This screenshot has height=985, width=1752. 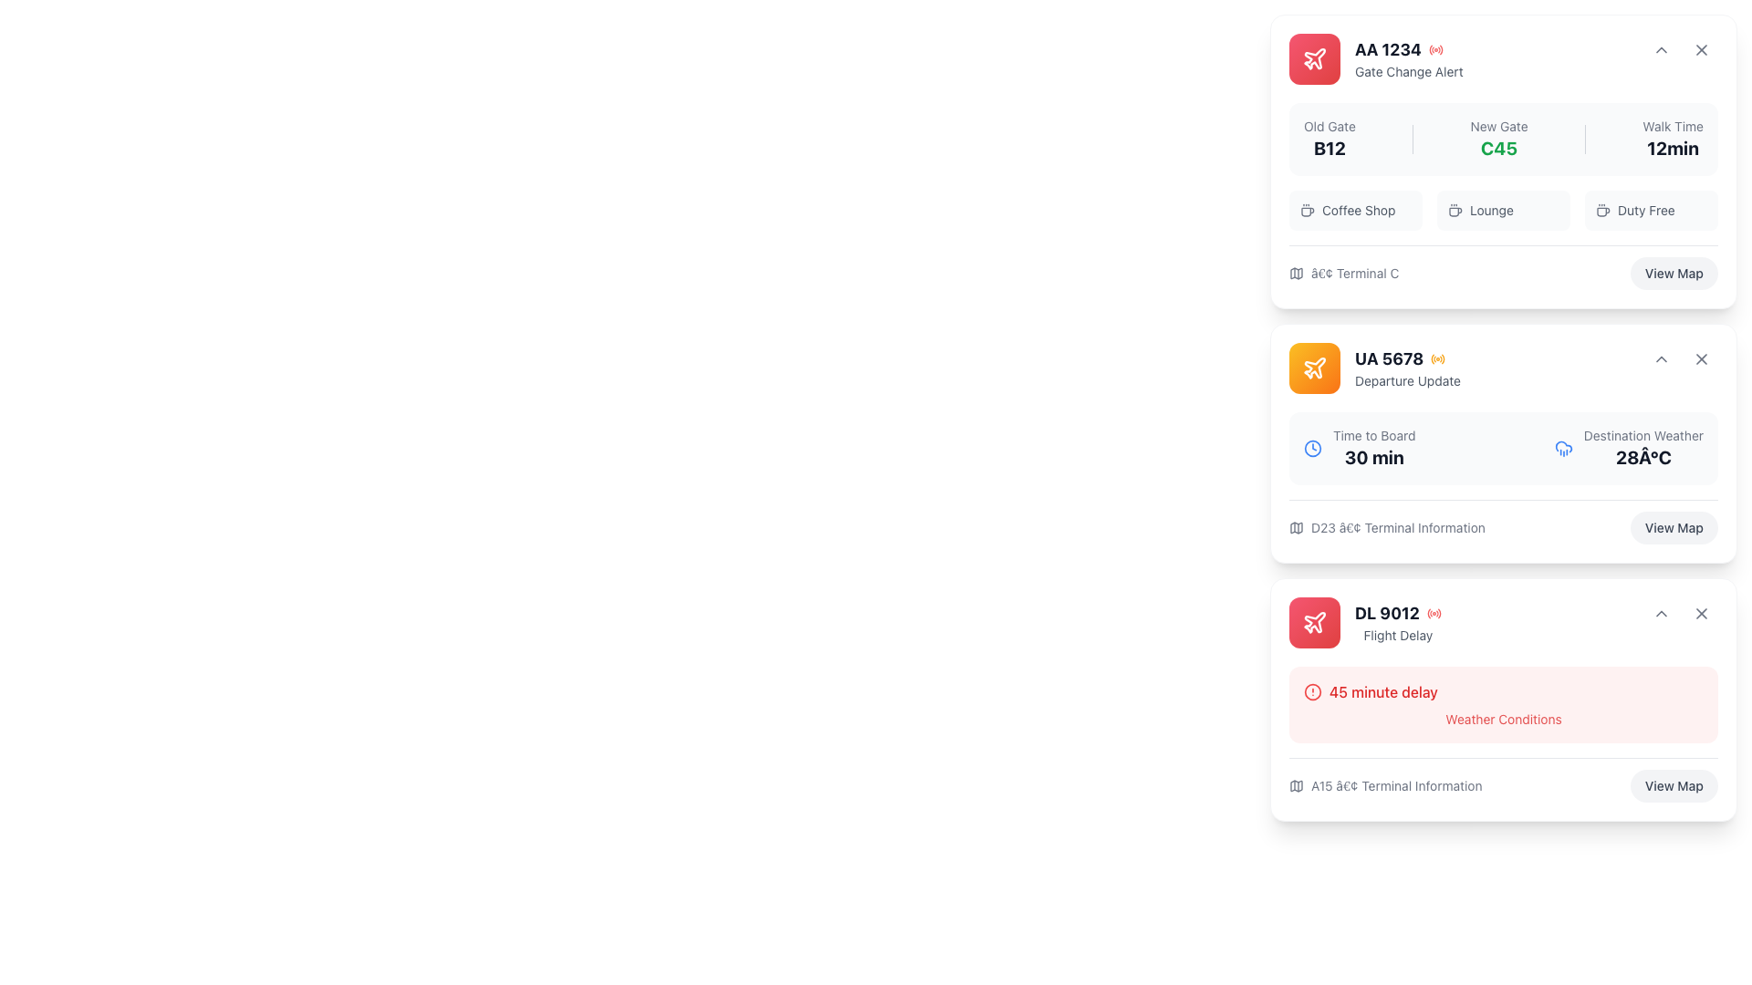 What do you see at coordinates (1491, 210) in the screenshot?
I see `the amenity option text indicating the availability of a lounge, located centrally in the top-most card of the right column, between the coffee cup icon and the 'Duty Free' item` at bounding box center [1491, 210].